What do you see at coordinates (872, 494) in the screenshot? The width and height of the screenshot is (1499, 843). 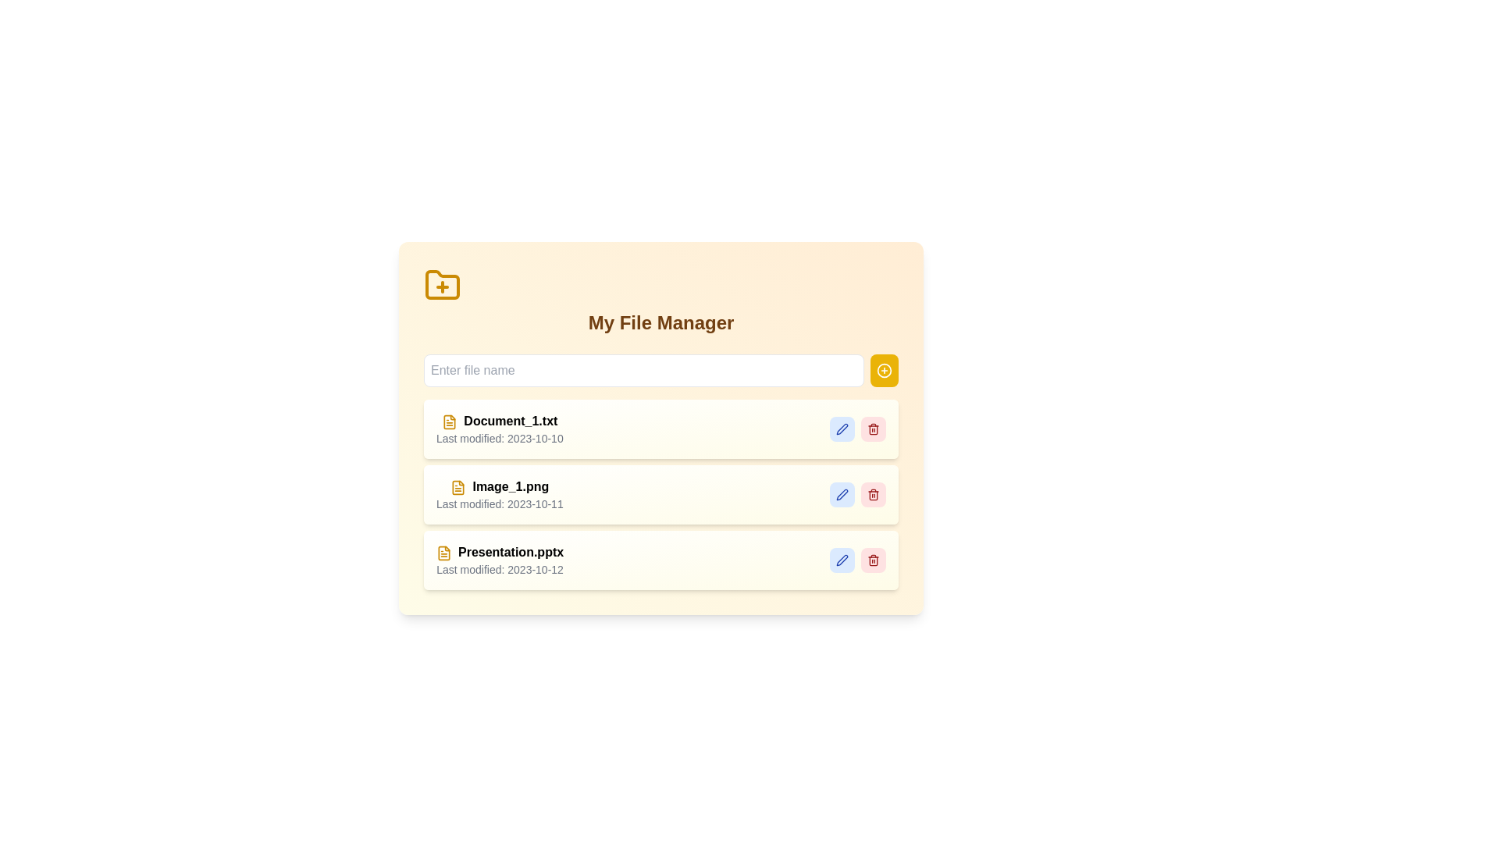 I see `the delete icon located in the last row of a list of items, aligned to the rightmost edge of the row` at bounding box center [872, 494].